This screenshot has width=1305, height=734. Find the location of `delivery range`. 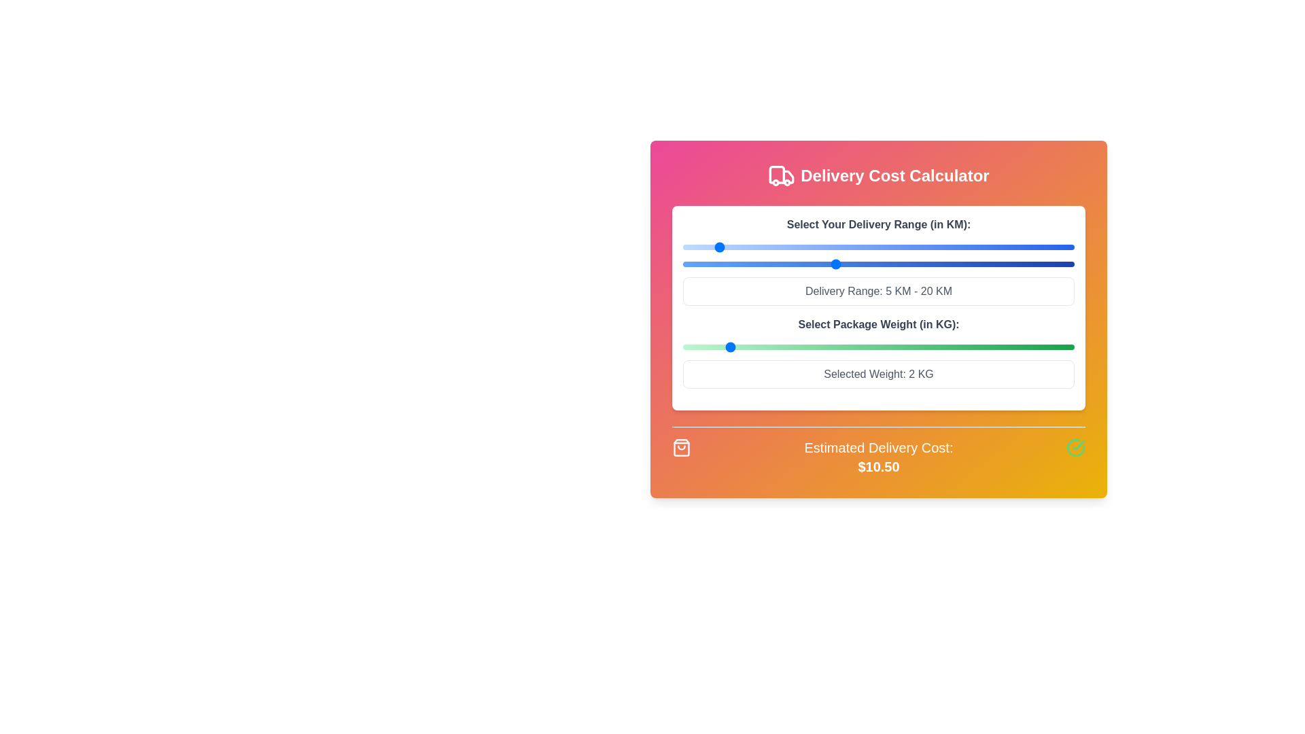

delivery range is located at coordinates (962, 264).